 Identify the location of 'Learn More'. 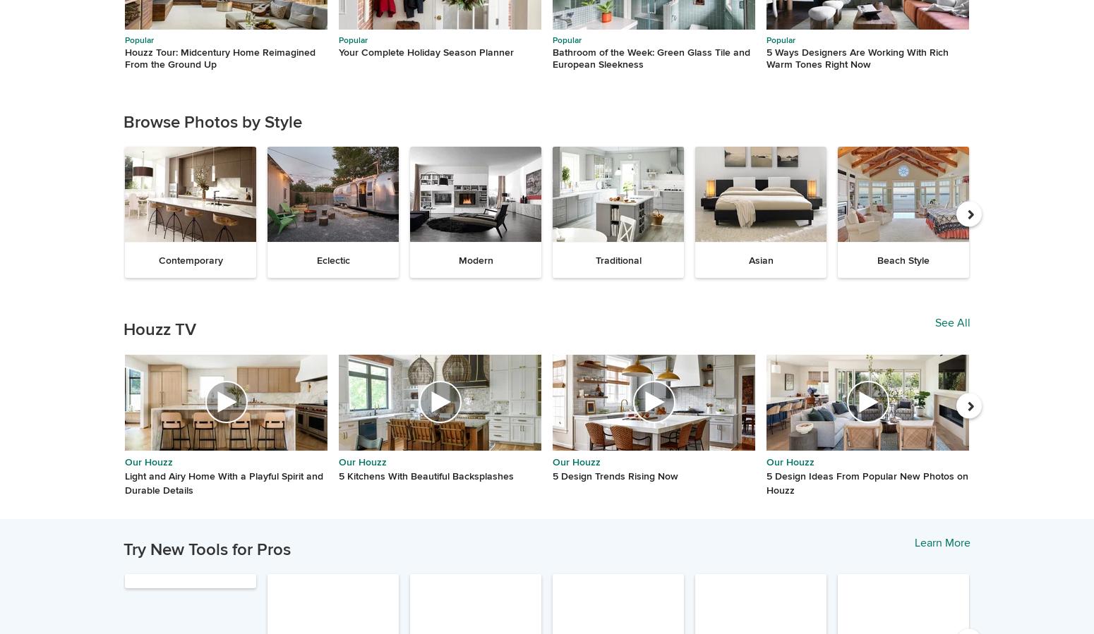
(942, 542).